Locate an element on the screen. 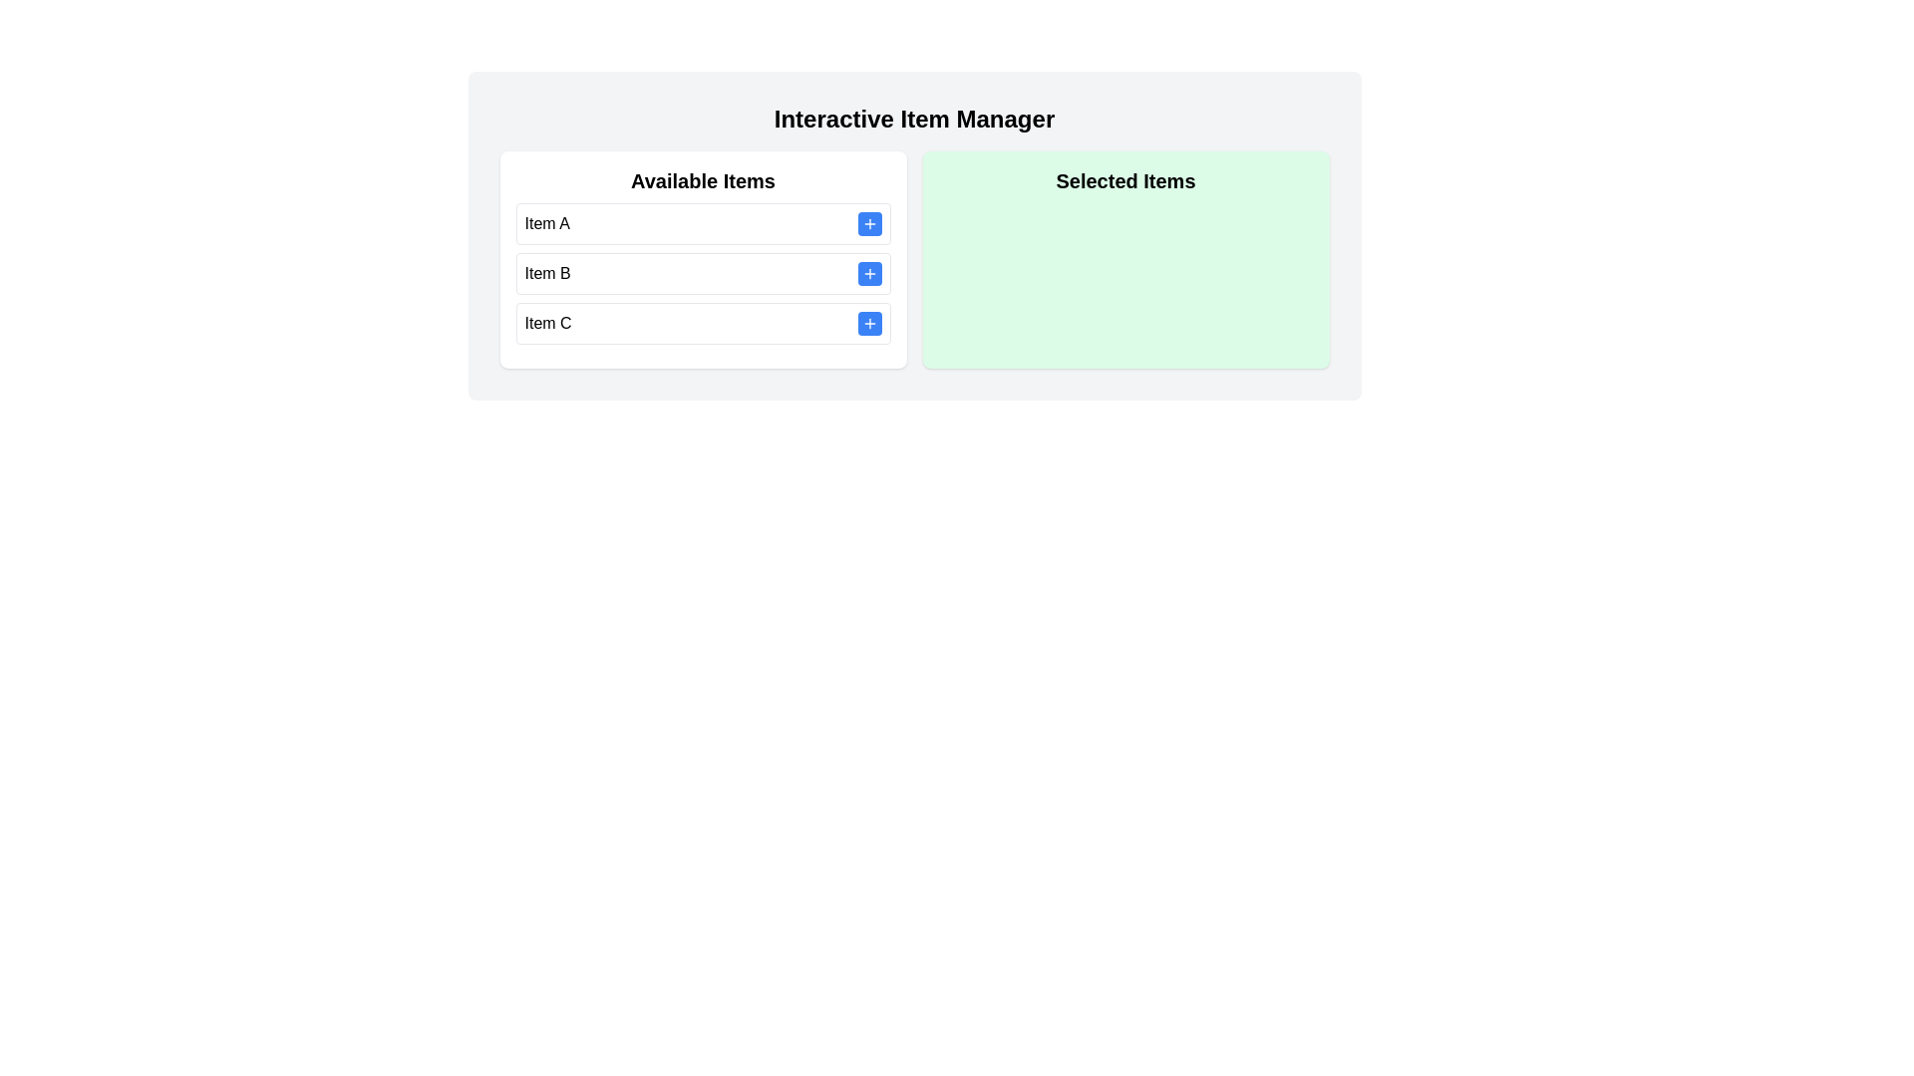 Image resolution: width=1914 pixels, height=1076 pixels. the second row item is located at coordinates (703, 273).